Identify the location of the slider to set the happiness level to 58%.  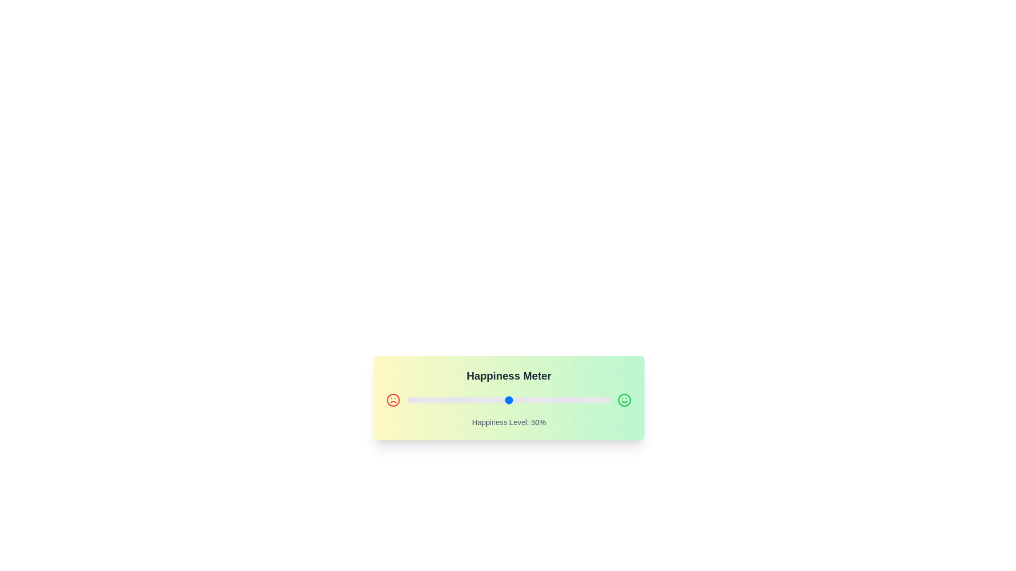
(525, 400).